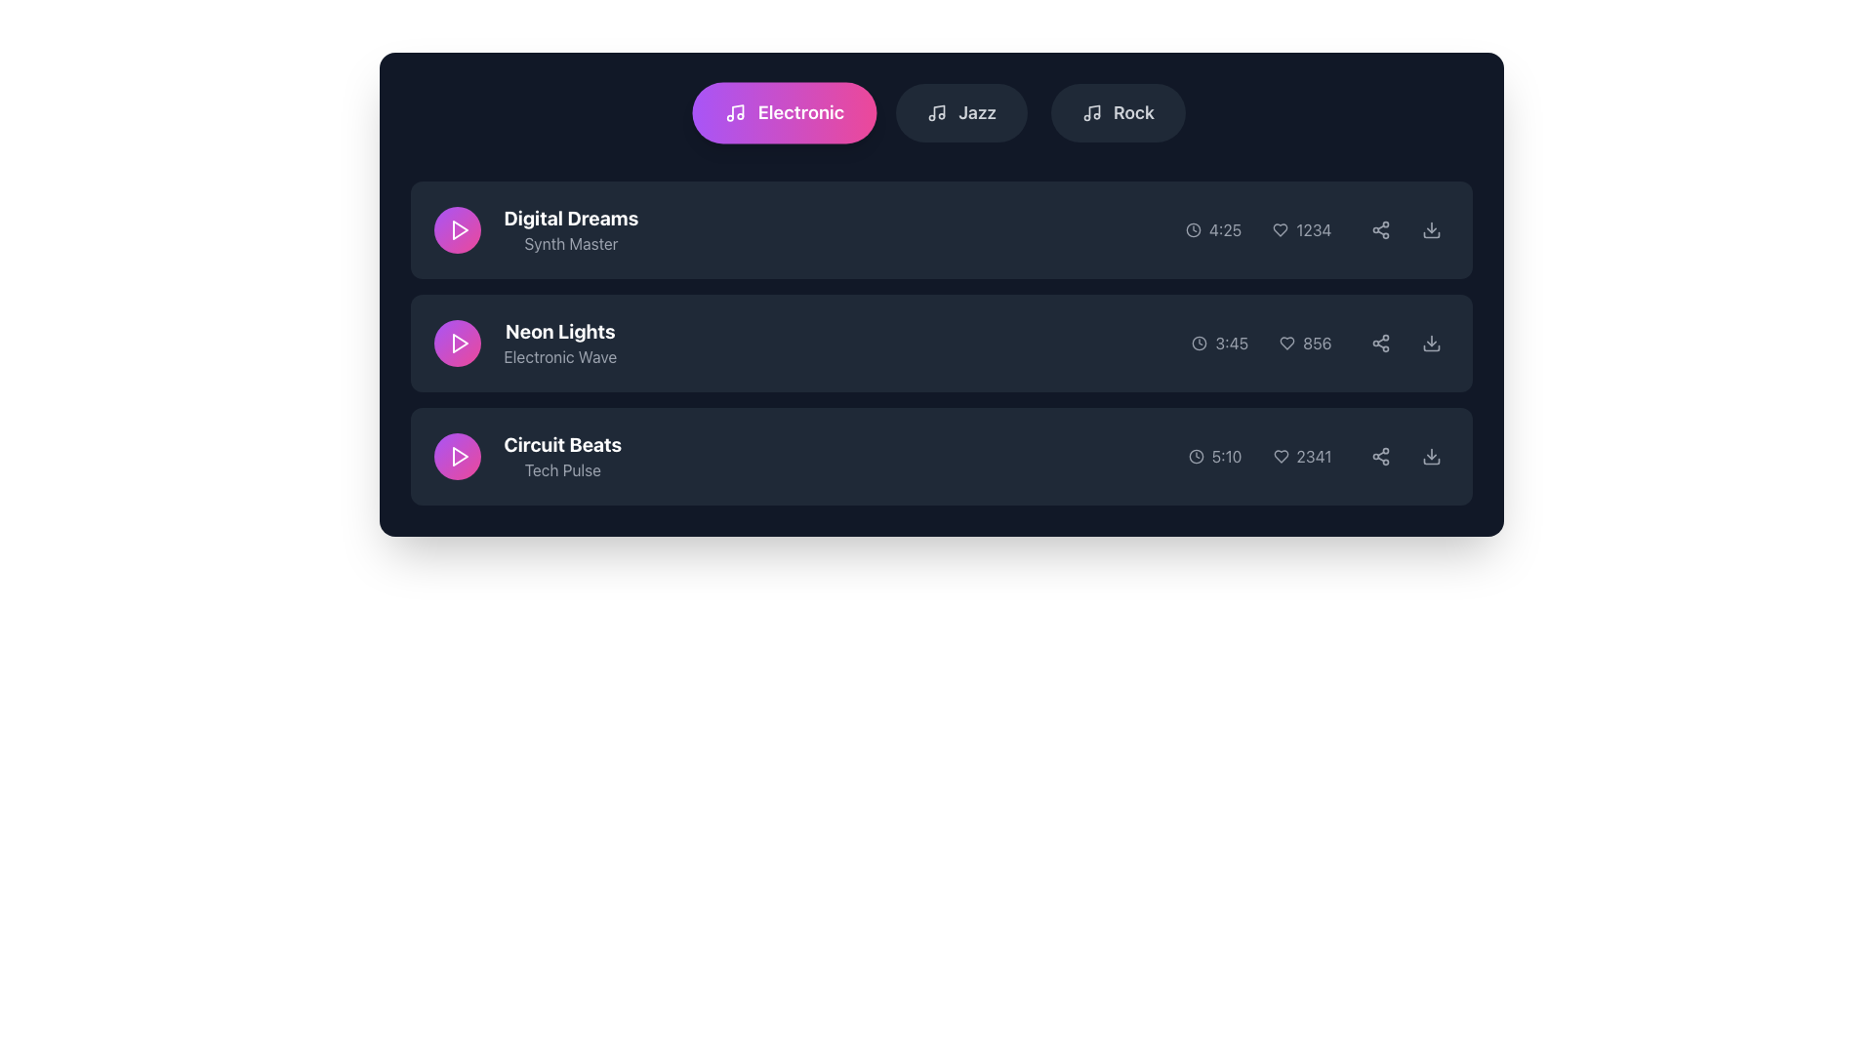 The image size is (1874, 1054). What do you see at coordinates (559, 357) in the screenshot?
I see `the descriptive text label for the item 'Neon Lights', which is positioned below the title and aligned with other elements in the second row of the list` at bounding box center [559, 357].